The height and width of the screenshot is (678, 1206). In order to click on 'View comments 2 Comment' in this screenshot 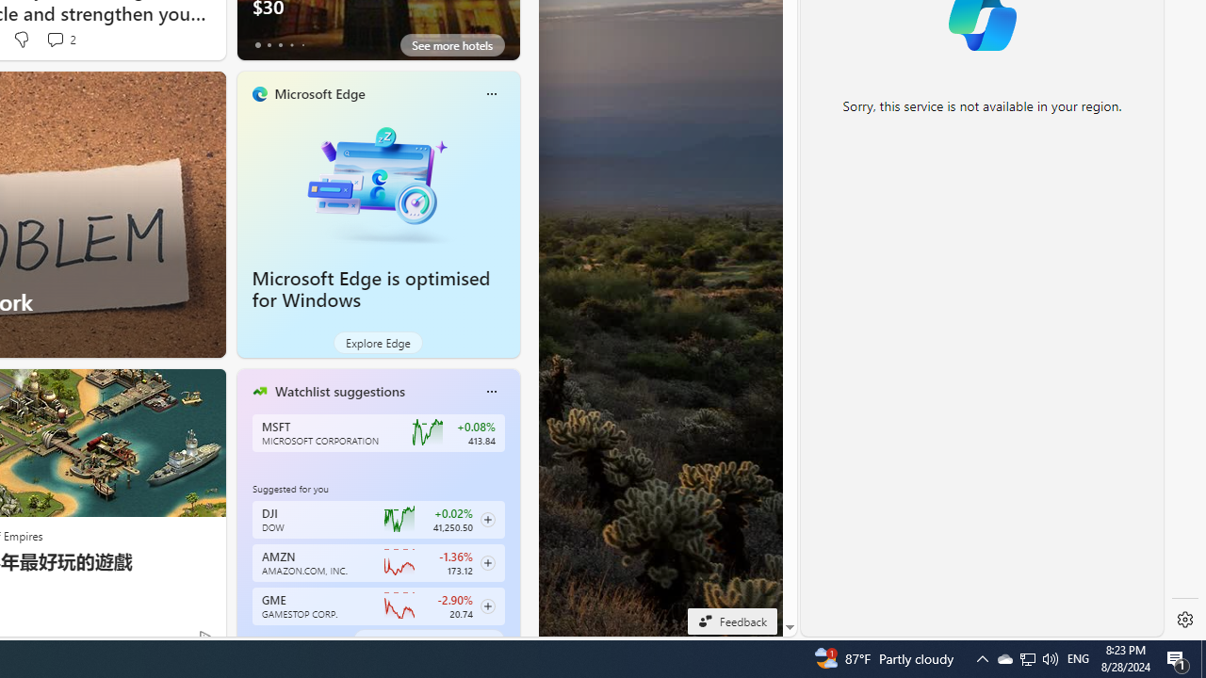, I will do `click(55, 39)`.